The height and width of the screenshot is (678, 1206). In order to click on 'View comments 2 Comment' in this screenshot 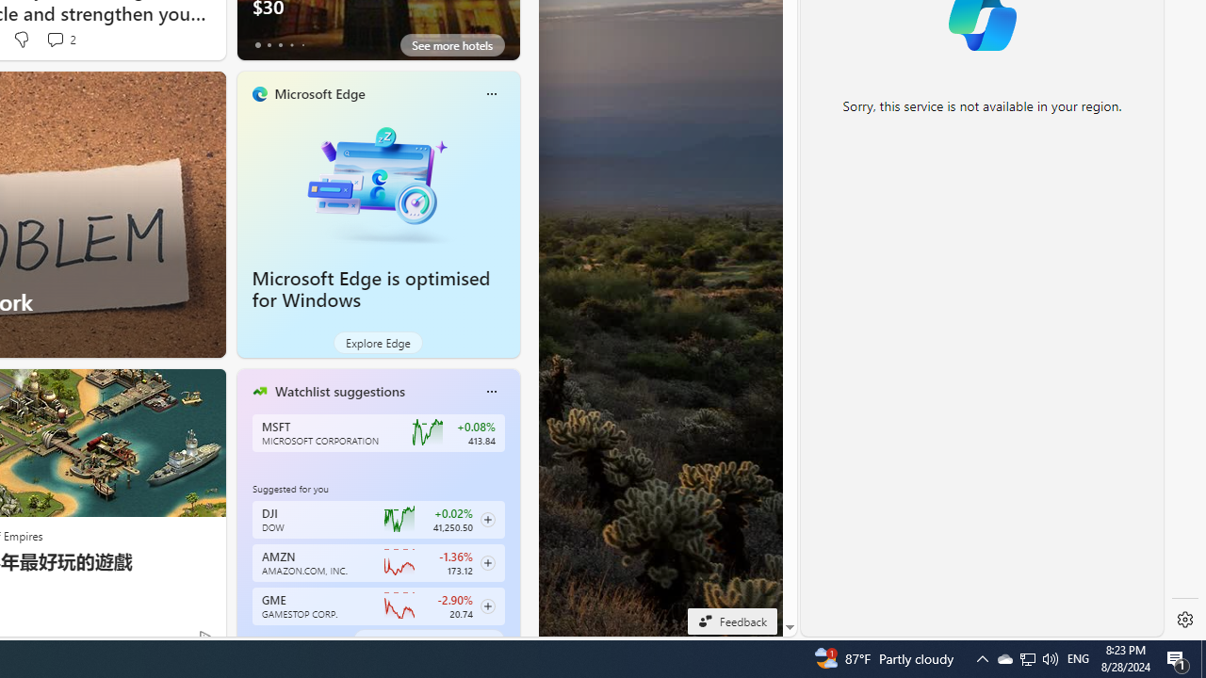, I will do `click(55, 39)`.